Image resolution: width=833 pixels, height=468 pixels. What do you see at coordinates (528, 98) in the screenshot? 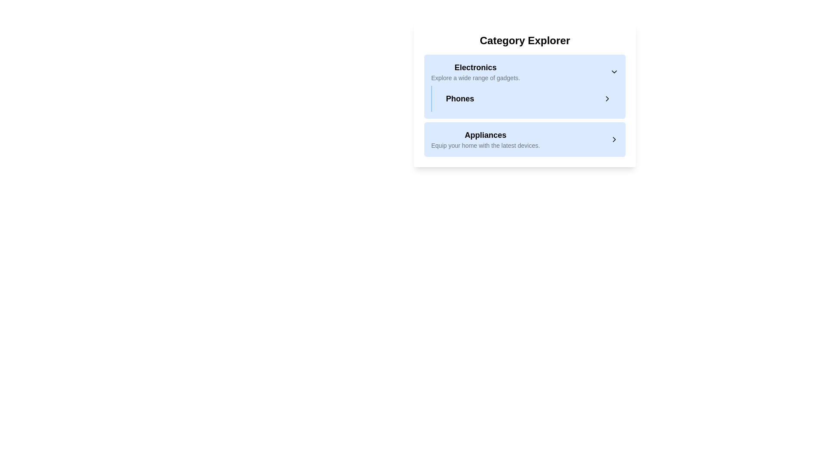
I see `the 'Phones' category option` at bounding box center [528, 98].